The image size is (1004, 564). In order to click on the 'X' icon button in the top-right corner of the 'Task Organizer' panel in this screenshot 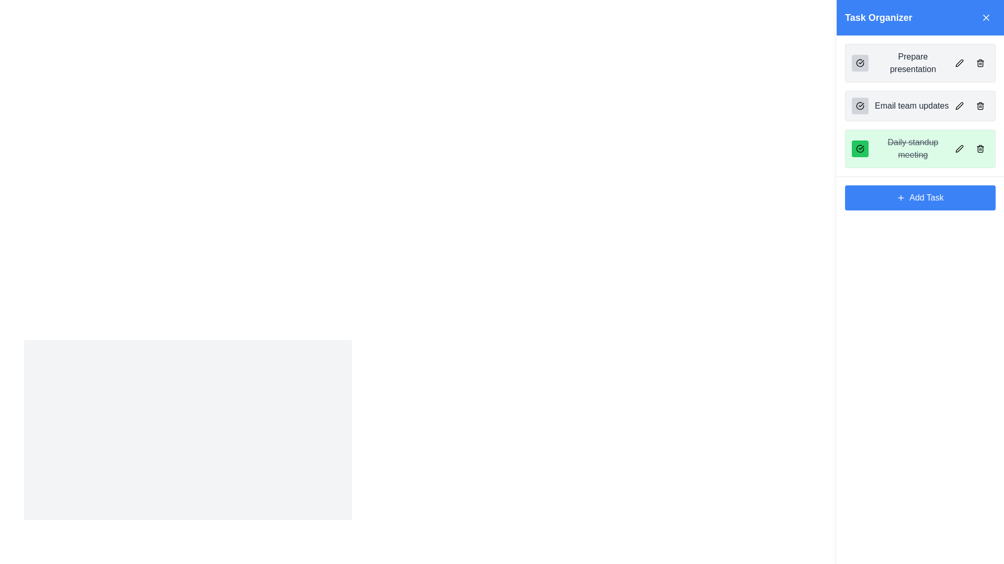, I will do `click(986, 18)`.